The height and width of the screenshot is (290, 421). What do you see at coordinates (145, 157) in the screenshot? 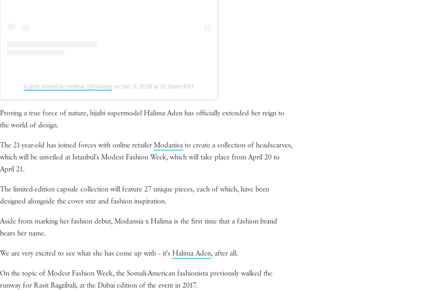
I see `'to create a collection of headscarves, which will be unveiled at Istanbul's Modest Fashion Week, which will take place from April 20 to April 21.'` at bounding box center [145, 157].